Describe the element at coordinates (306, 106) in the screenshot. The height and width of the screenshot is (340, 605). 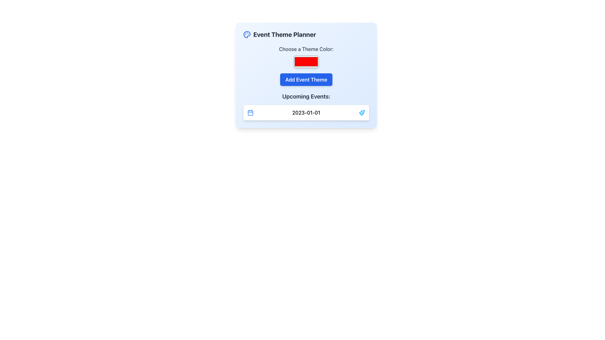
I see `the title and content displayer for upcoming events located within the 'Event Theme Planner' card, positioned below the 'Add Event Theme' button` at that location.